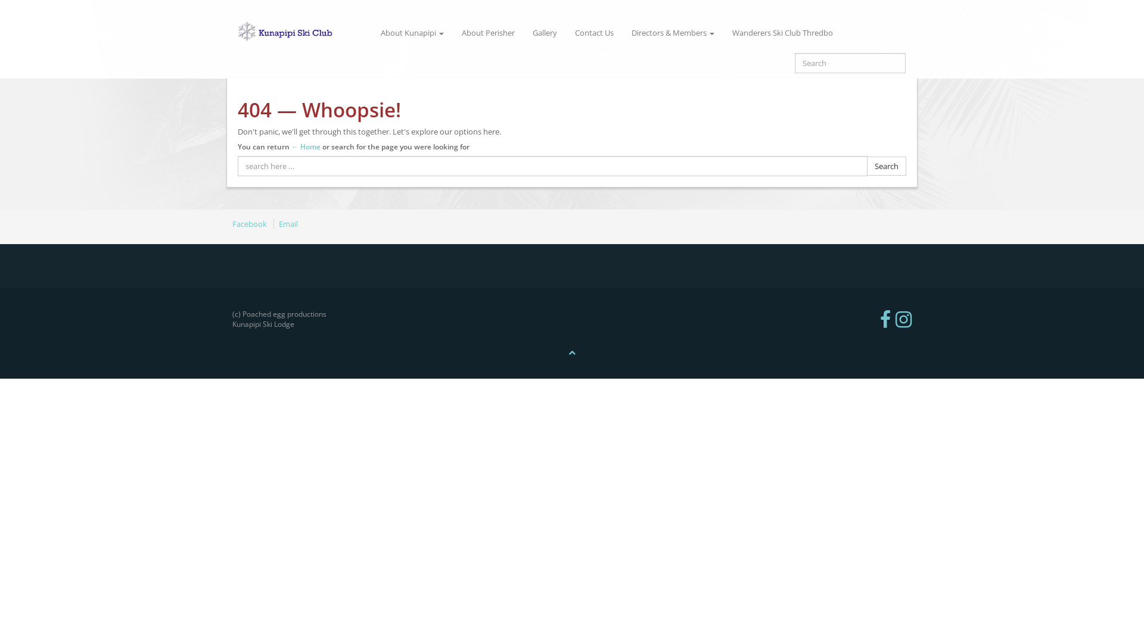  Describe the element at coordinates (251, 223) in the screenshot. I see `'Facebook'` at that location.